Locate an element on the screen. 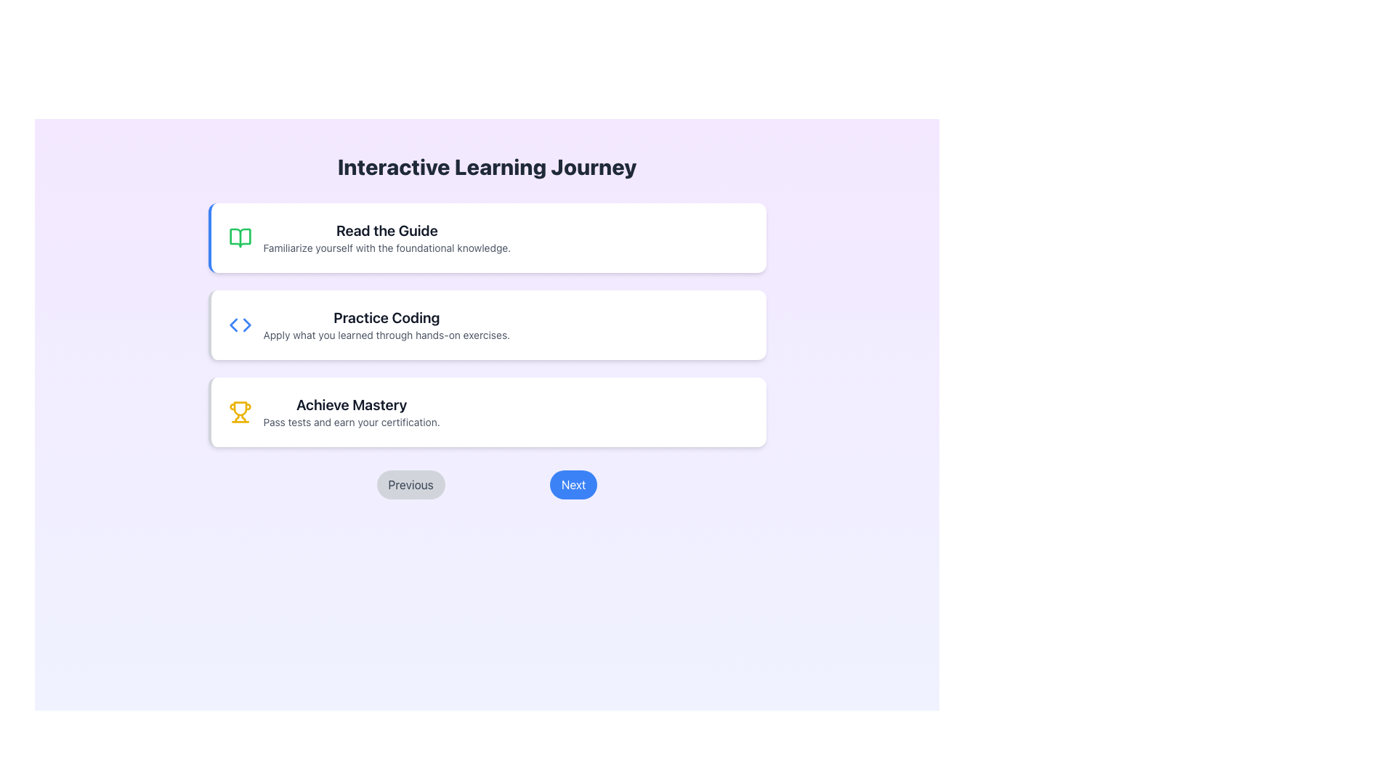  the text element that reads 'Familiarize yourself with the foundational knowledge.' It is styled in a smaller font size and grayer tone, located directly below the bold title 'Read the Guide' within the first card of the interface is located at coordinates (387, 248).